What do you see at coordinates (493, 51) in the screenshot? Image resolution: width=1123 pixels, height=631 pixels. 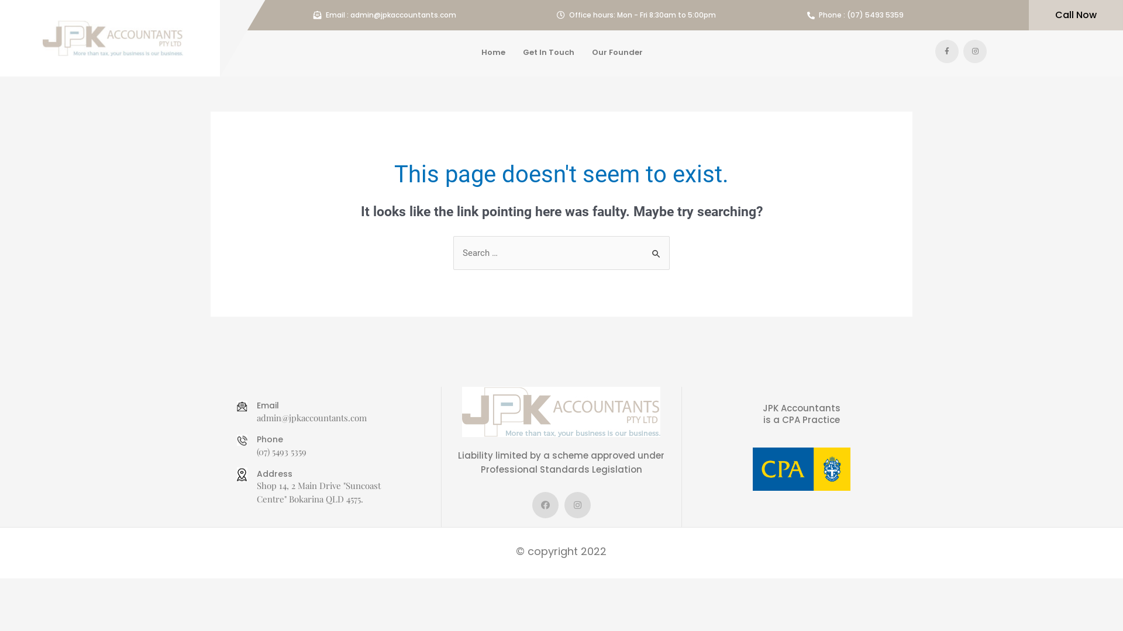 I see `'Home'` at bounding box center [493, 51].